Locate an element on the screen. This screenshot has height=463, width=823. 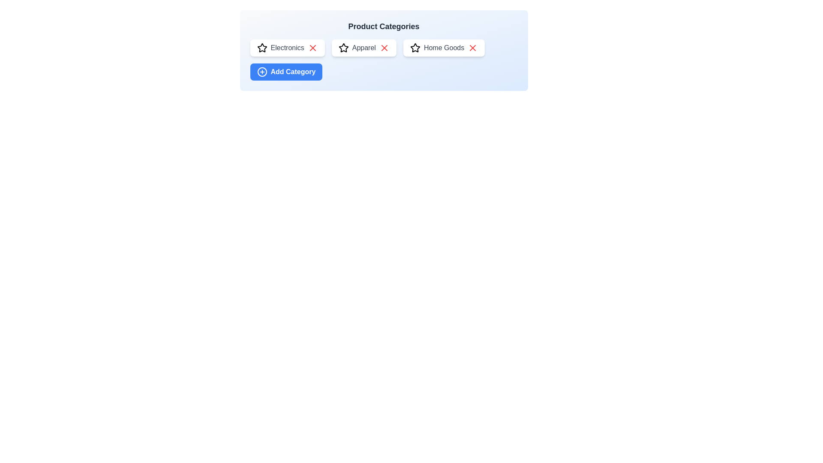
the category chip labeled Home Goods to observe its hover effects is located at coordinates (444, 48).